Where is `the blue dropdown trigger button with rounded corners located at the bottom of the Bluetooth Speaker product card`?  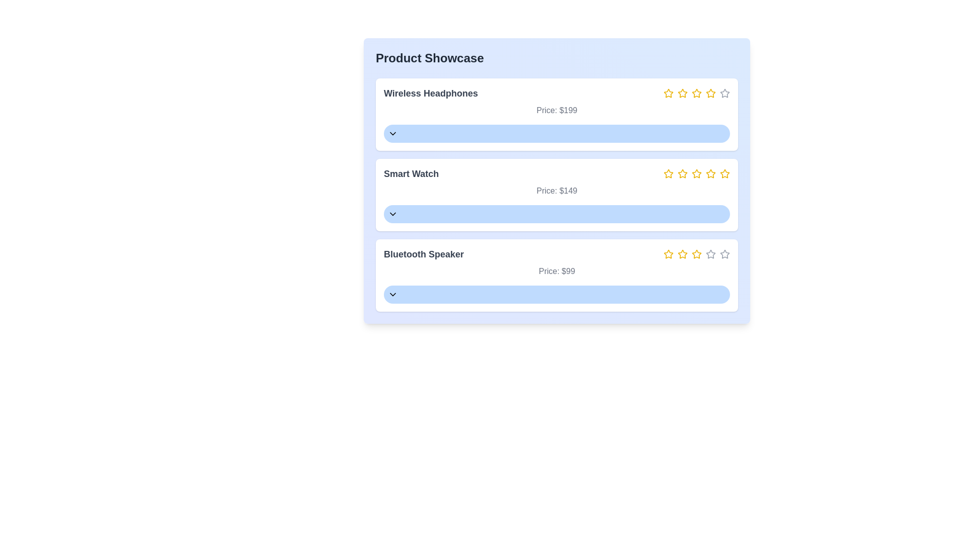 the blue dropdown trigger button with rounded corners located at the bottom of the Bluetooth Speaker product card is located at coordinates (556, 294).